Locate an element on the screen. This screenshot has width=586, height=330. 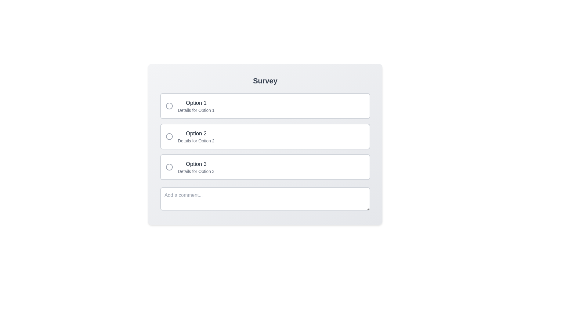
the circular radio button next to 'Option 1' in the survey interface is located at coordinates (169, 106).